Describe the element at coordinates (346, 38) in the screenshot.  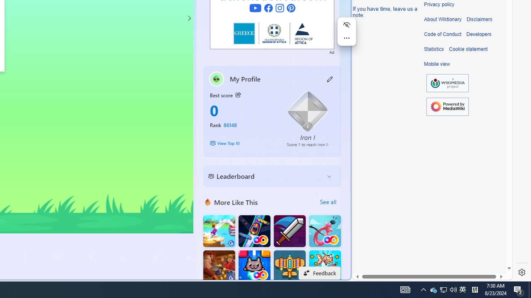
I see `'More actions'` at that location.